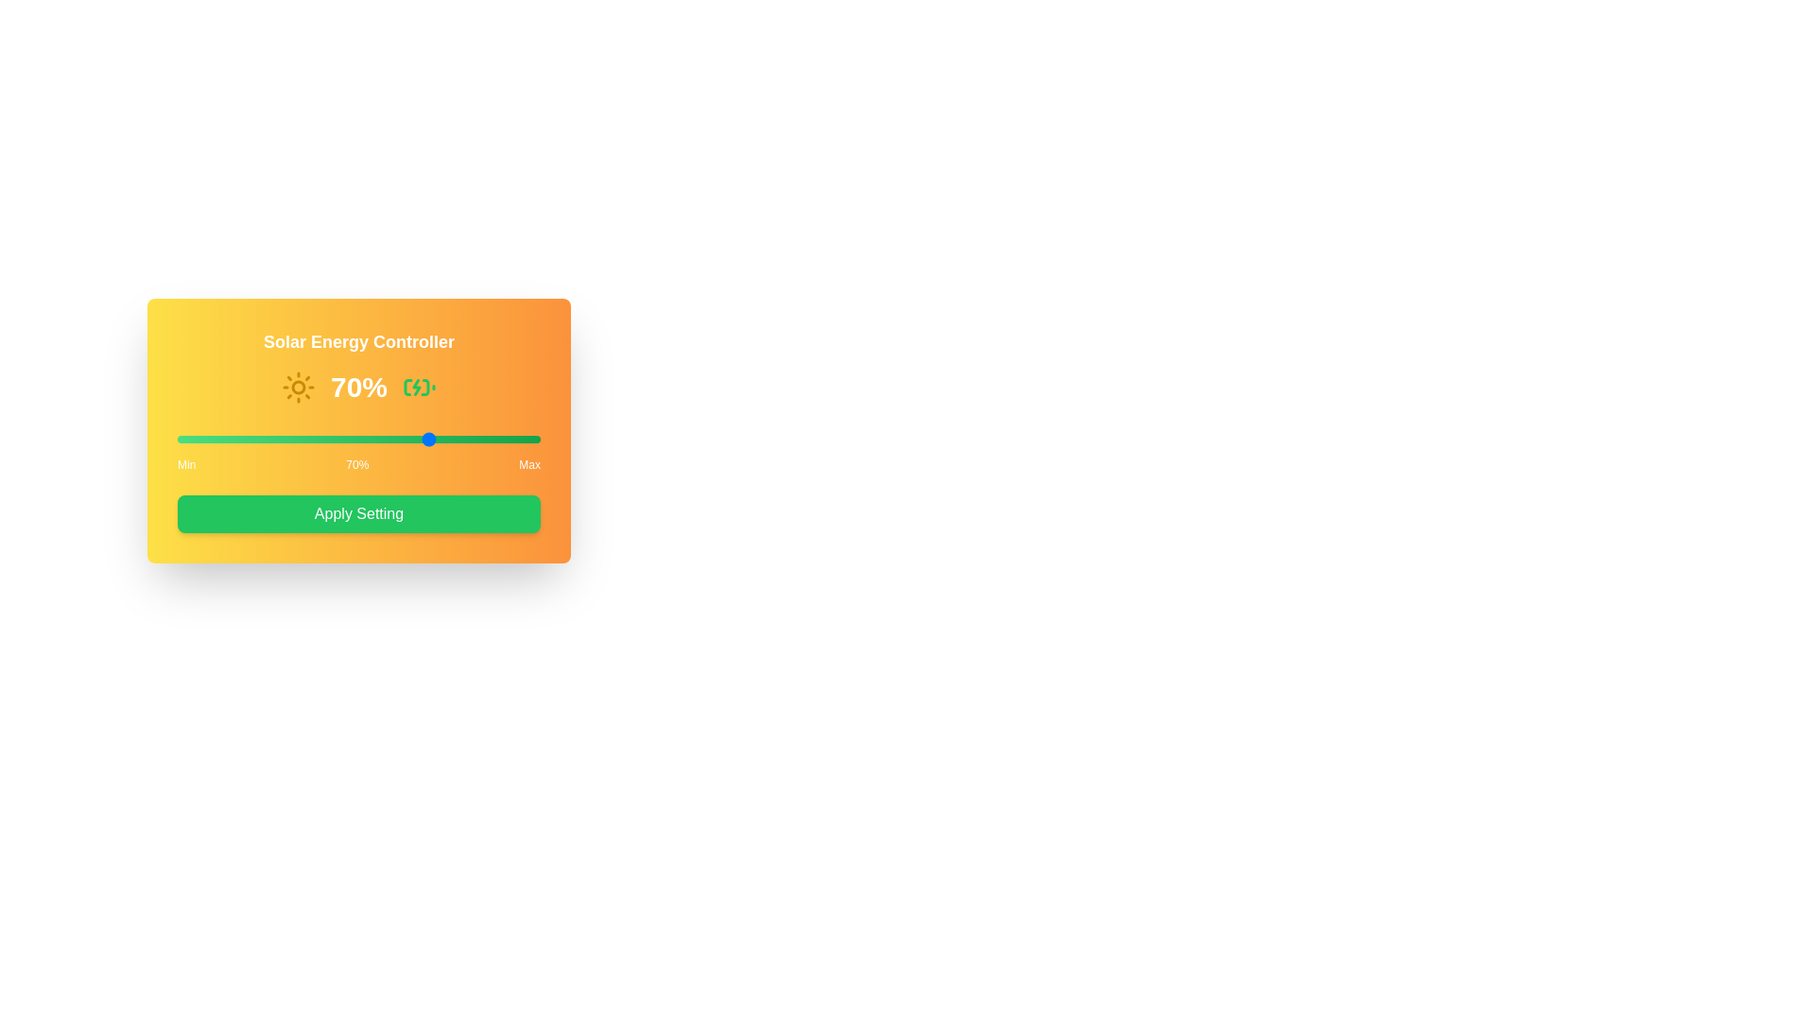 Image resolution: width=1815 pixels, height=1021 pixels. Describe the element at coordinates (245, 440) in the screenshot. I see `the solar input slider to 19%` at that location.